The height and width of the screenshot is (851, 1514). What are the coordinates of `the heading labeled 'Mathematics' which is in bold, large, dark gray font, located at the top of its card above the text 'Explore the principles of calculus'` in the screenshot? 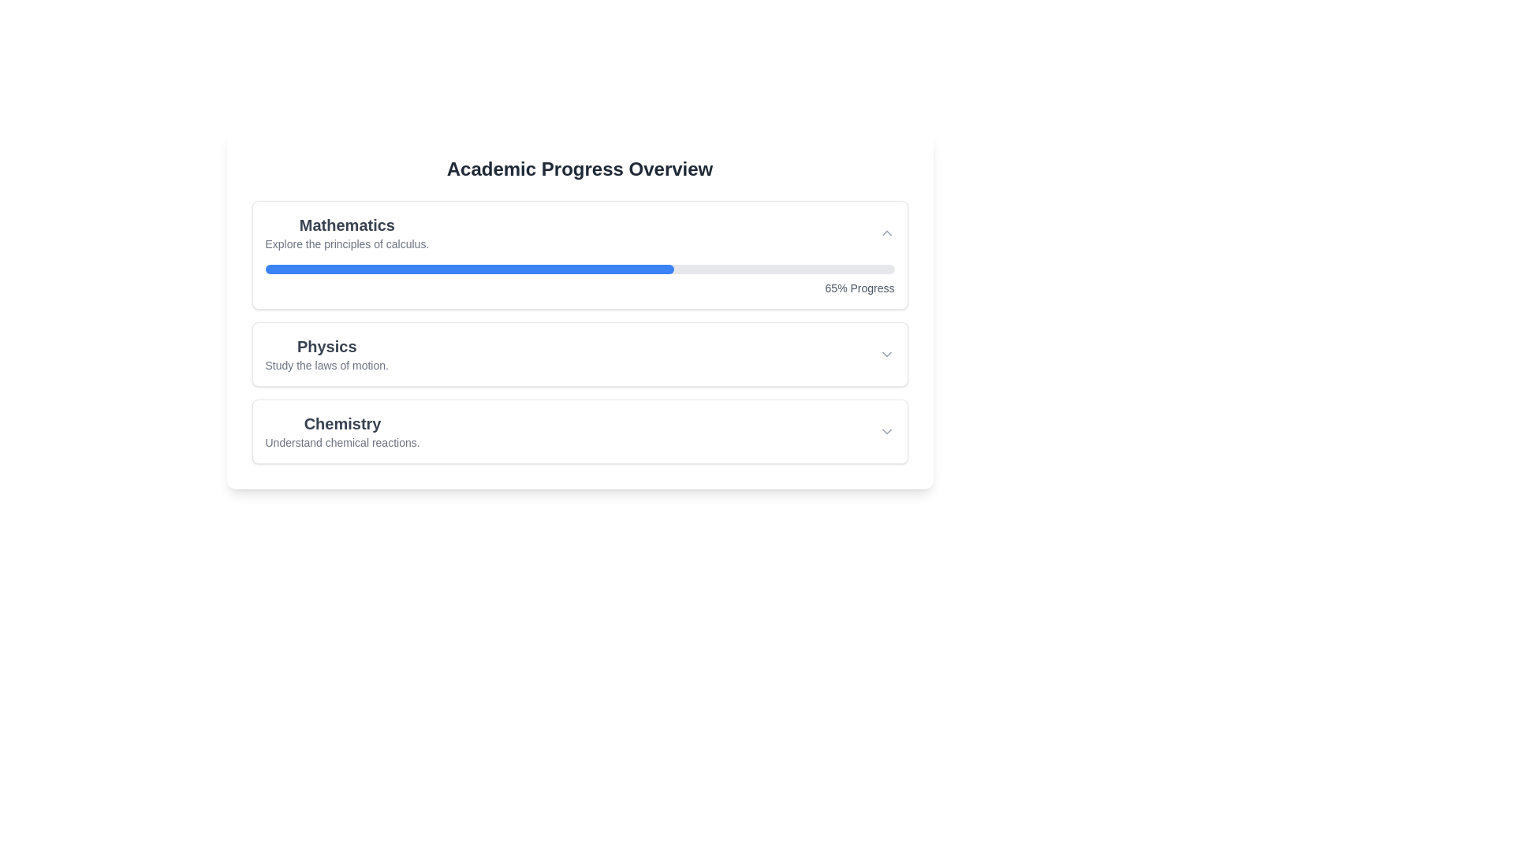 It's located at (346, 225).